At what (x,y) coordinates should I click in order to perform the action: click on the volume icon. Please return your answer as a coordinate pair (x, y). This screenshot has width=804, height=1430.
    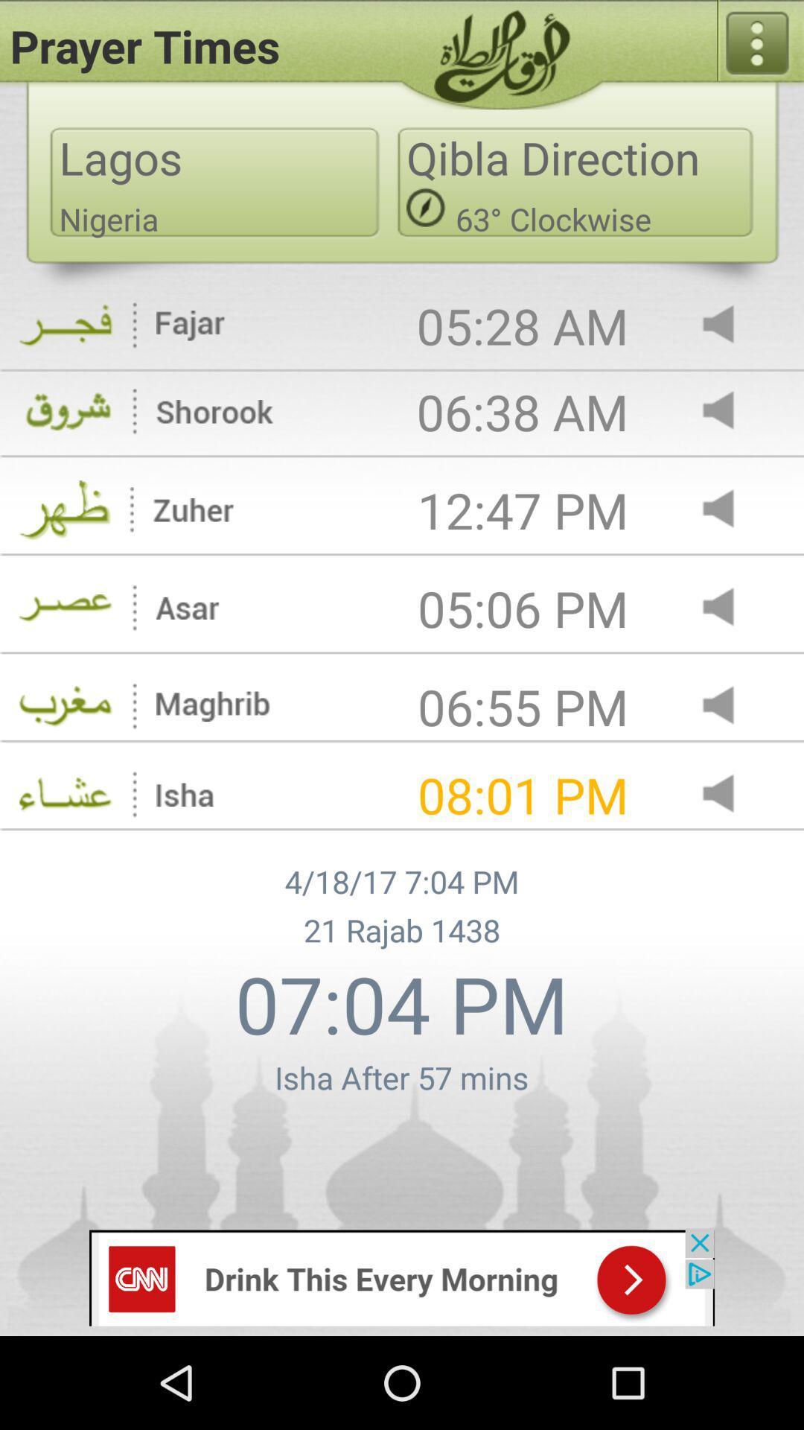
    Looking at the image, I should click on (730, 756).